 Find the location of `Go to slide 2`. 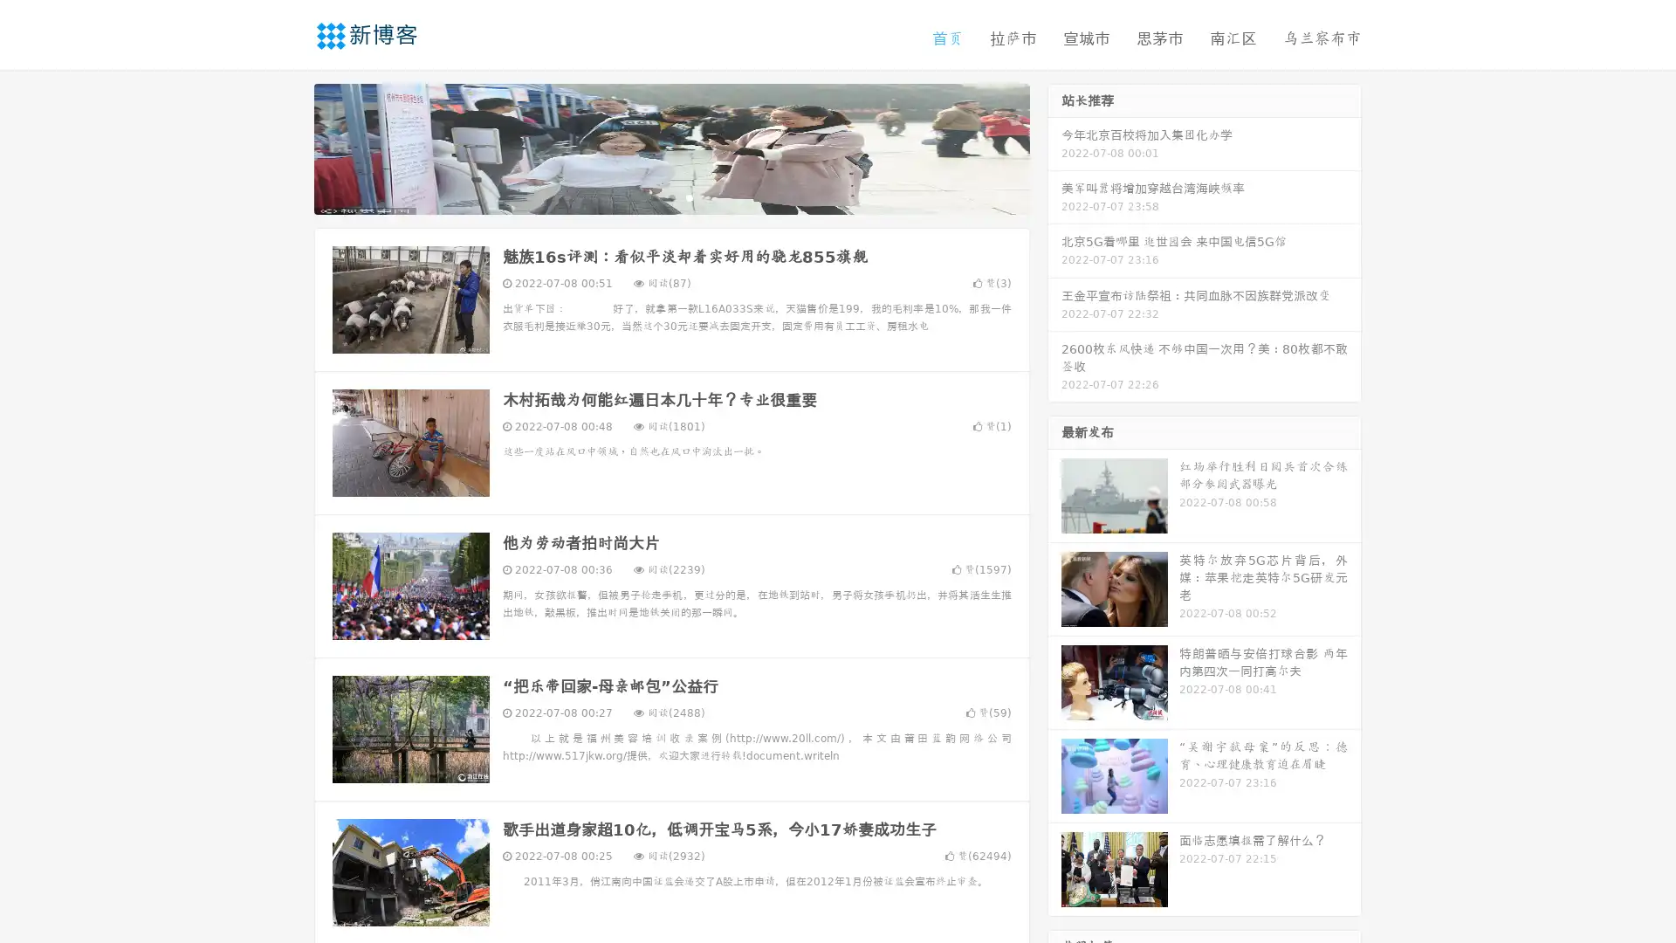

Go to slide 2 is located at coordinates (670, 196).